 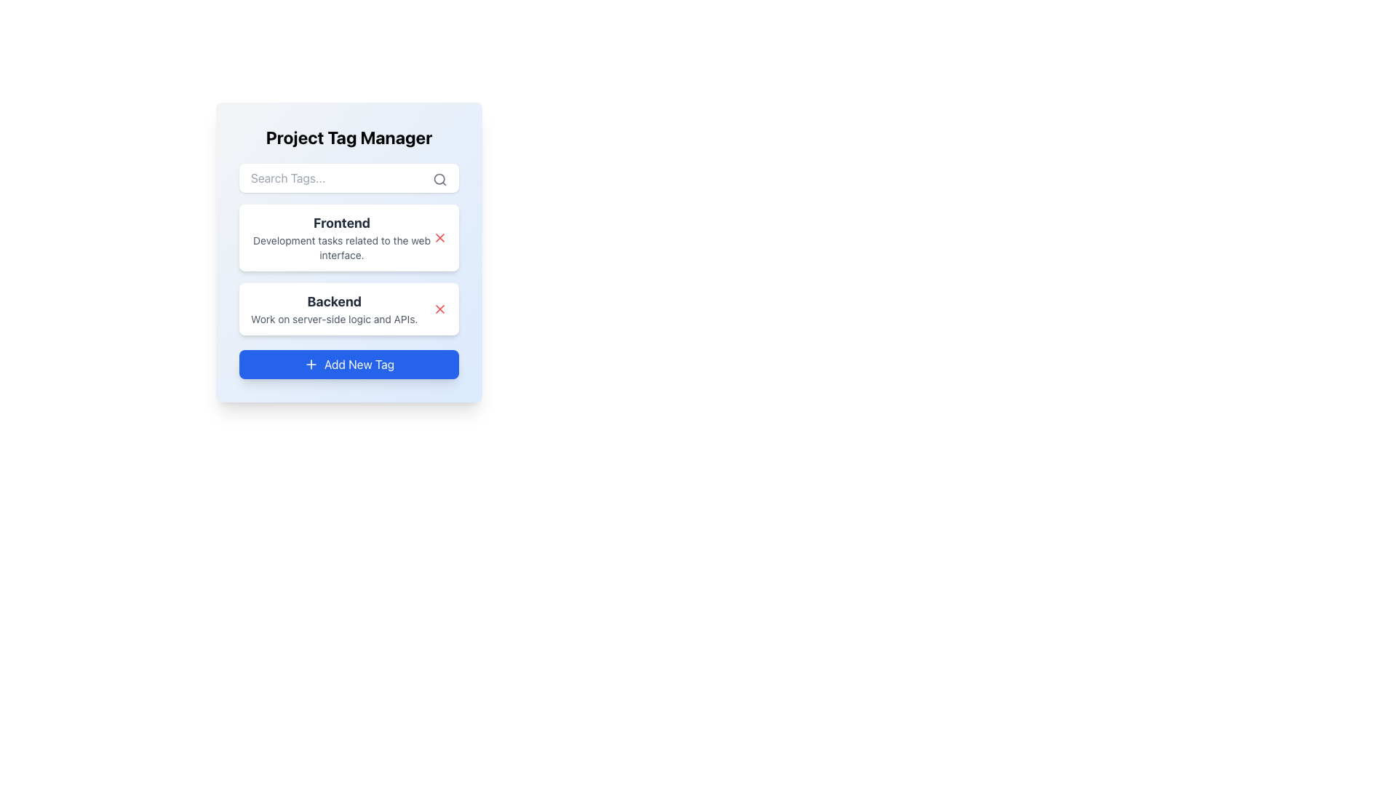 What do you see at coordinates (341, 237) in the screenshot?
I see `the topmost text block in the project tag management system that describes frontend-related tasks` at bounding box center [341, 237].